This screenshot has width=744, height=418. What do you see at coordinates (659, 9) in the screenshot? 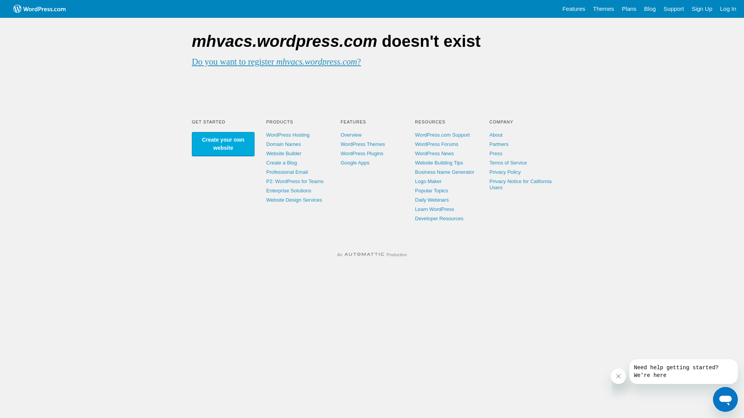
I see `'Support'` at bounding box center [659, 9].